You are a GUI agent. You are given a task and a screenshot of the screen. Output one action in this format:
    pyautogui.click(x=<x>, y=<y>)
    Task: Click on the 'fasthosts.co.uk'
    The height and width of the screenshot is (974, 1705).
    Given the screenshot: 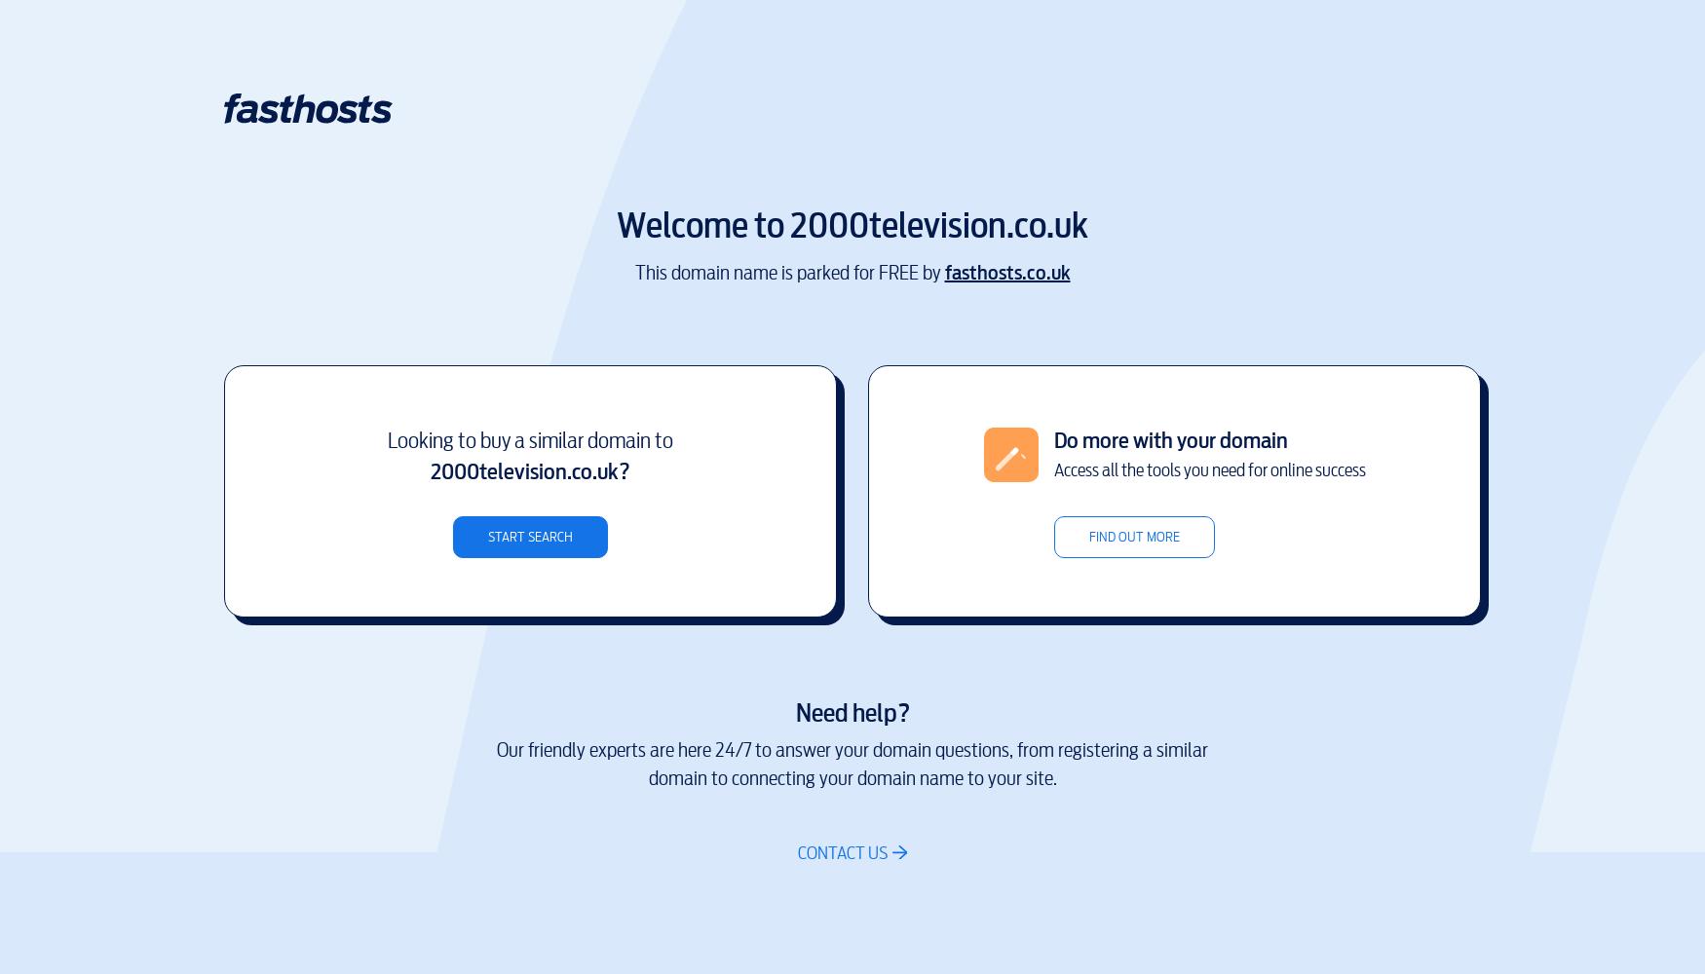 What is the action you would take?
    pyautogui.click(x=1005, y=272)
    